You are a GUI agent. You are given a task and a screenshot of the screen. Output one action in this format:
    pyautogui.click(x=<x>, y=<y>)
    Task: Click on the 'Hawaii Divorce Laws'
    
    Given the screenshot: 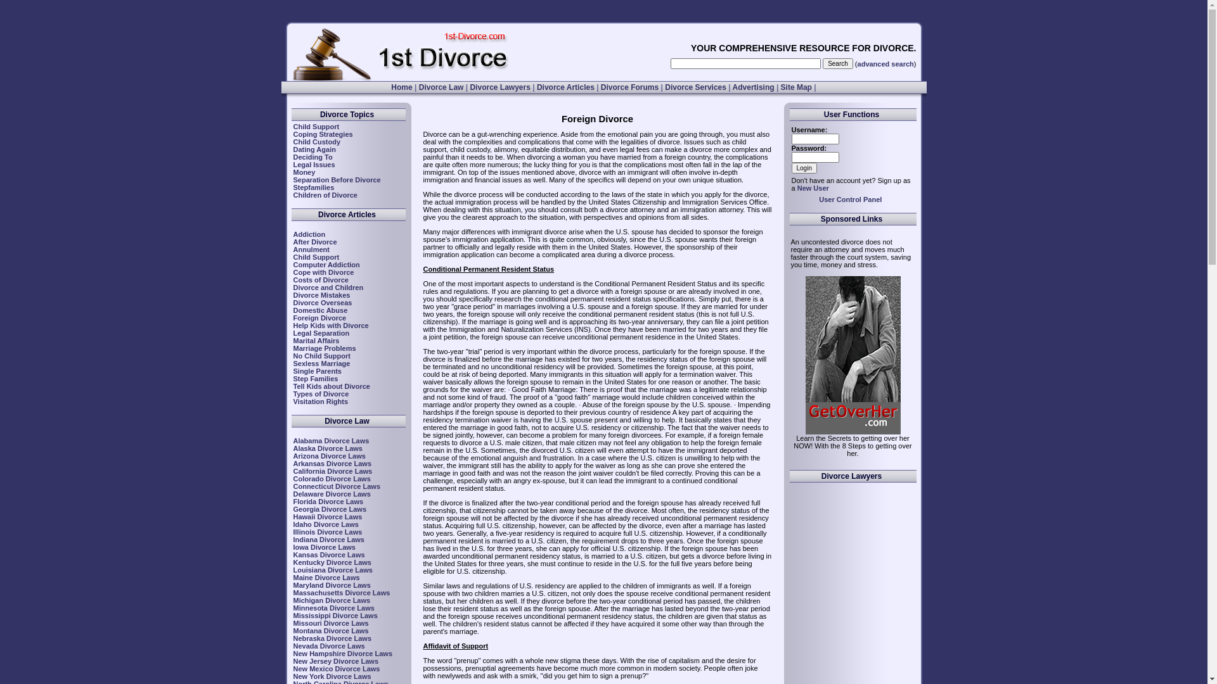 What is the action you would take?
    pyautogui.click(x=327, y=517)
    